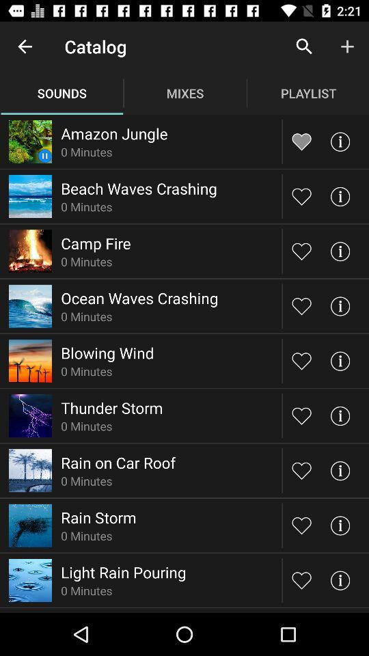 Image resolution: width=369 pixels, height=656 pixels. I want to click on for more information, so click(339, 195).